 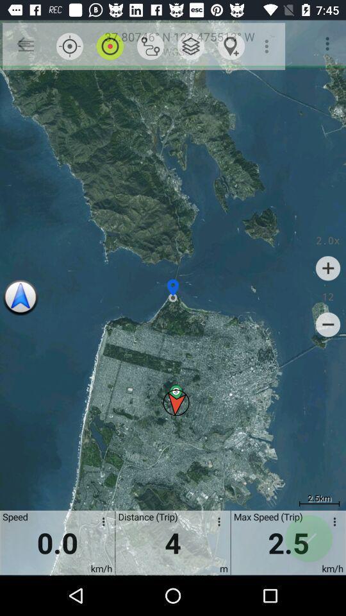 What do you see at coordinates (150, 46) in the screenshot?
I see `icon above distance (trip) icon` at bounding box center [150, 46].